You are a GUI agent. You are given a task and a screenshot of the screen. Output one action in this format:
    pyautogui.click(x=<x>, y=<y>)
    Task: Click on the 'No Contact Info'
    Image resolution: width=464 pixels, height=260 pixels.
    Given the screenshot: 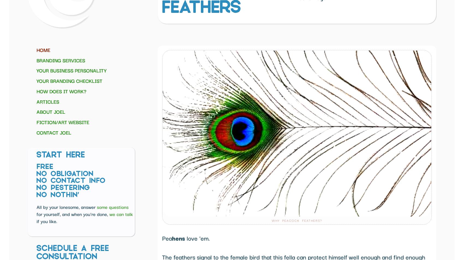 What is the action you would take?
    pyautogui.click(x=71, y=181)
    